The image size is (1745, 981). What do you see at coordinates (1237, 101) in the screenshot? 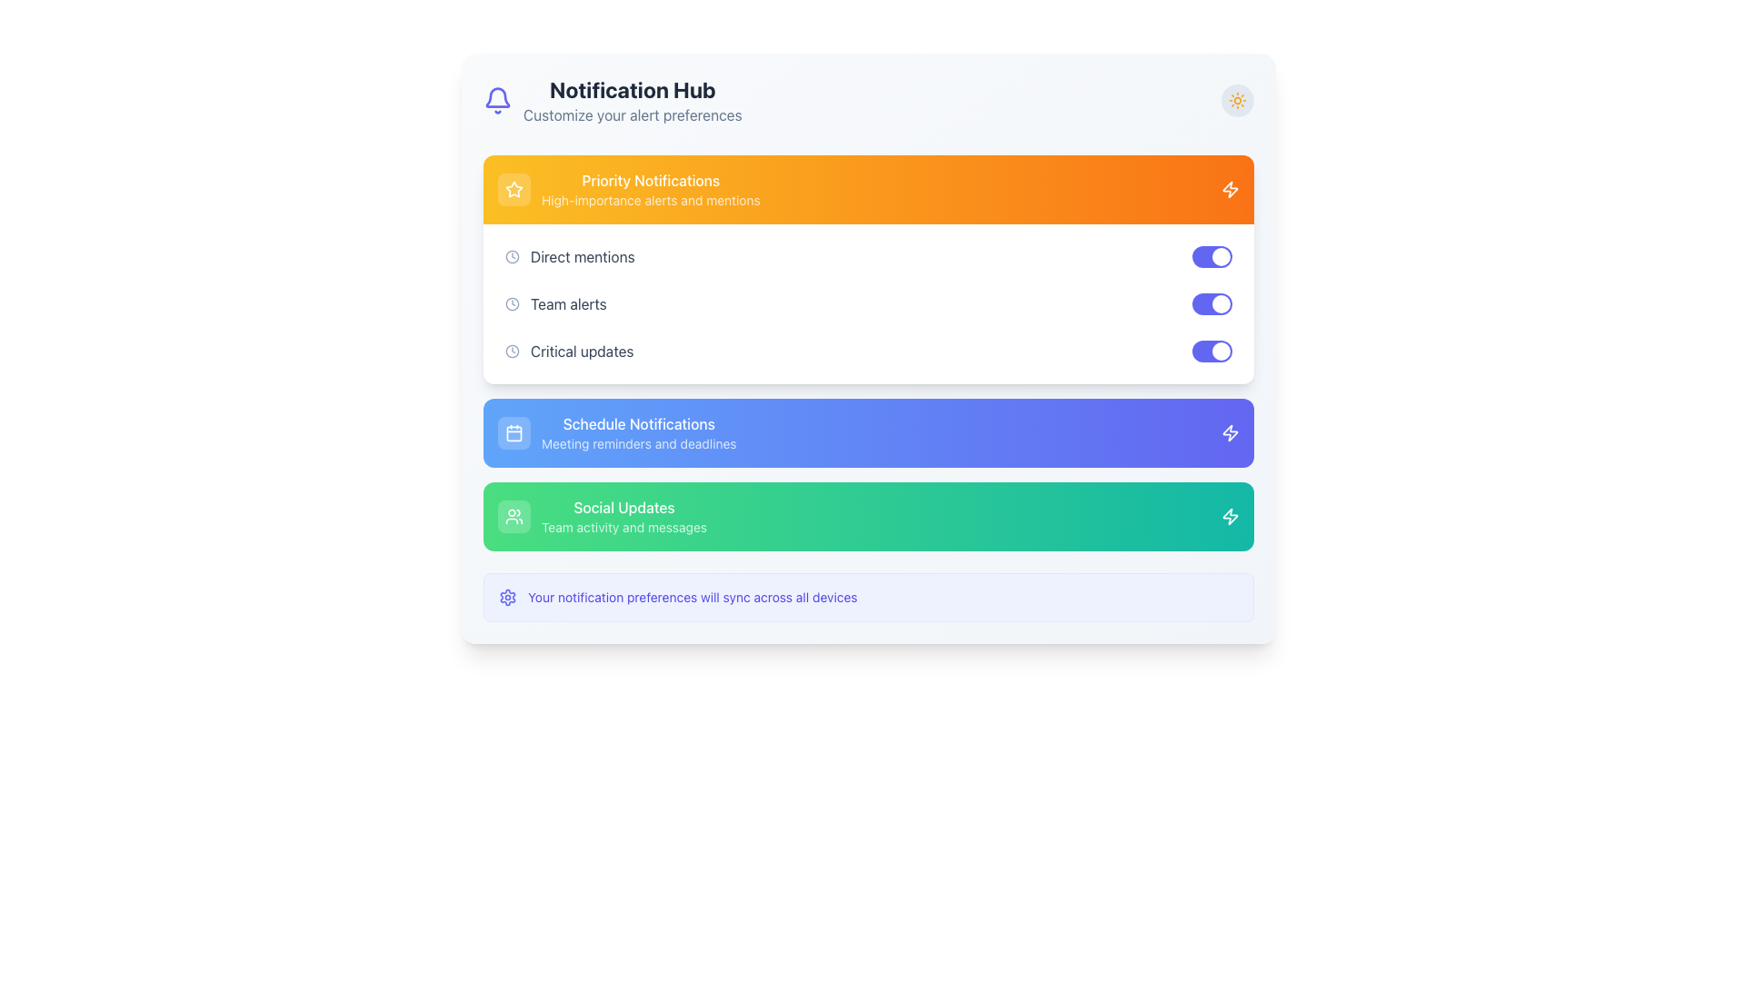
I see `the sun icon located at the top-right corner of the notification hub card to switch themes` at bounding box center [1237, 101].